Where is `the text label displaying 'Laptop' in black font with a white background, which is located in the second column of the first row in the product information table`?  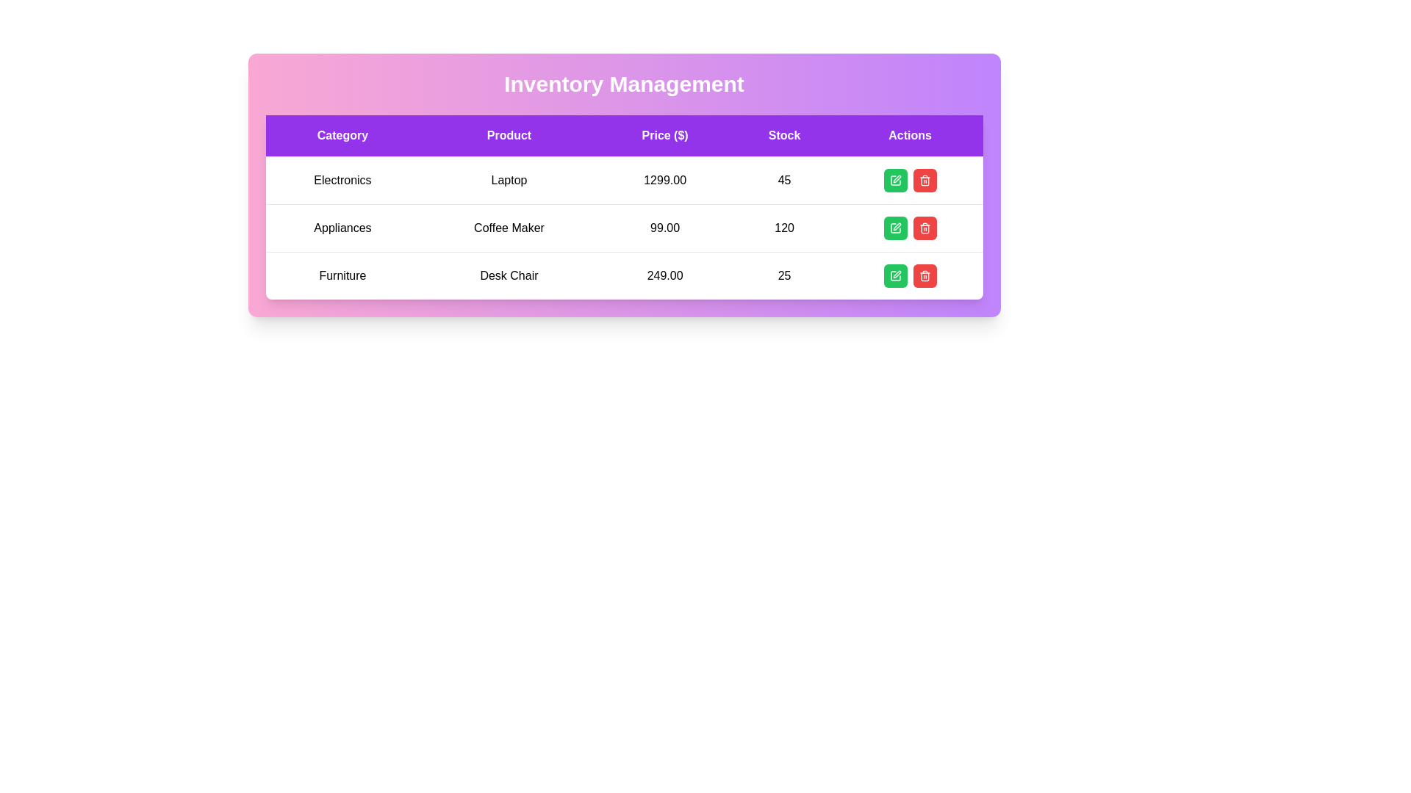
the text label displaying 'Laptop' in black font with a white background, which is located in the second column of the first row in the product information table is located at coordinates (509, 180).